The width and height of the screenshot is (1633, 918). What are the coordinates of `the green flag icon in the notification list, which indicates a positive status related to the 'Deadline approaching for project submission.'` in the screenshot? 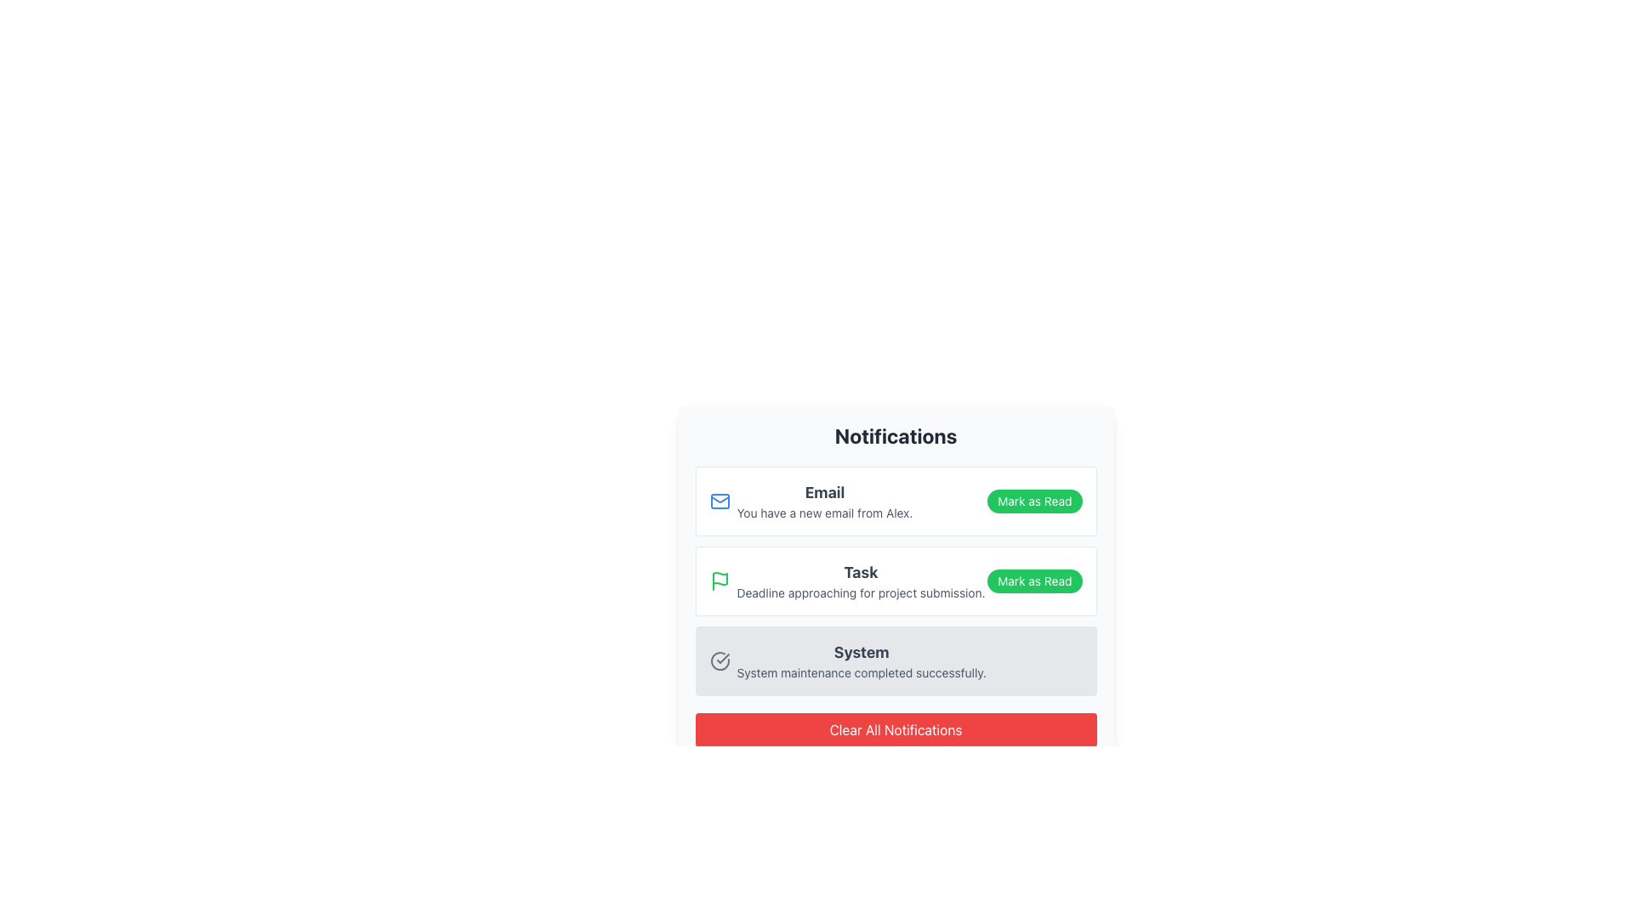 It's located at (720, 578).